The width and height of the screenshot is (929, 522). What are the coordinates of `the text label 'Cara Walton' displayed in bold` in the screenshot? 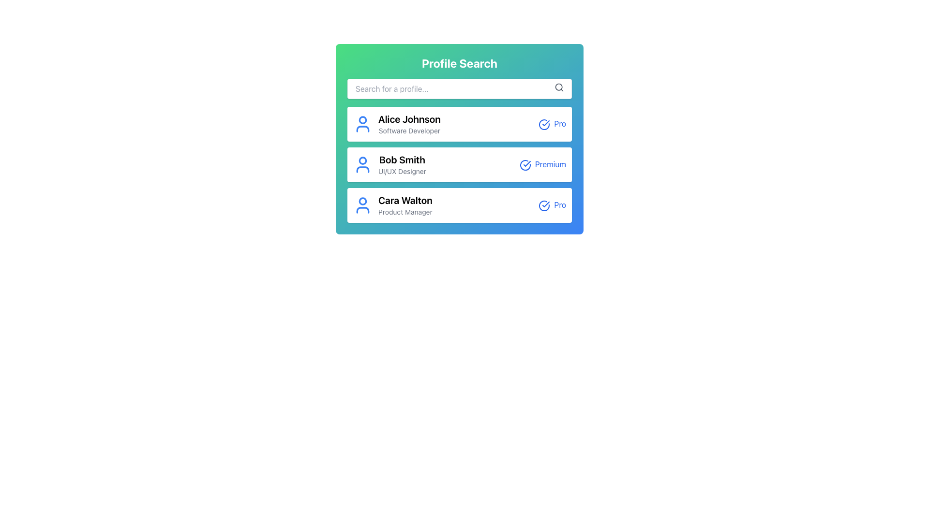 It's located at (405, 200).